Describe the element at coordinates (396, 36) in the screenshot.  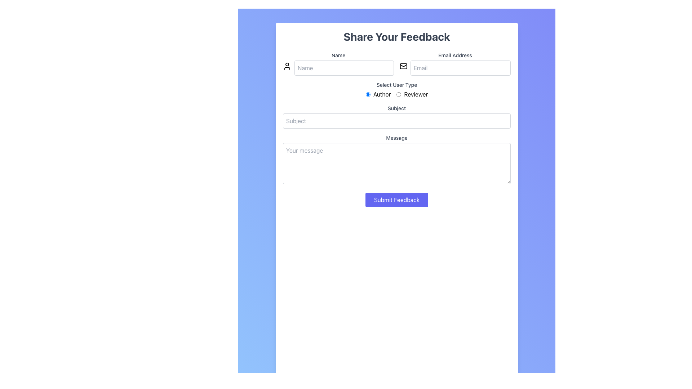
I see `the purpose of the feedback form by clicking on the 'Share Your Feedback' header, which is a bold and large text element centrally aligned at the top of the form` at that location.